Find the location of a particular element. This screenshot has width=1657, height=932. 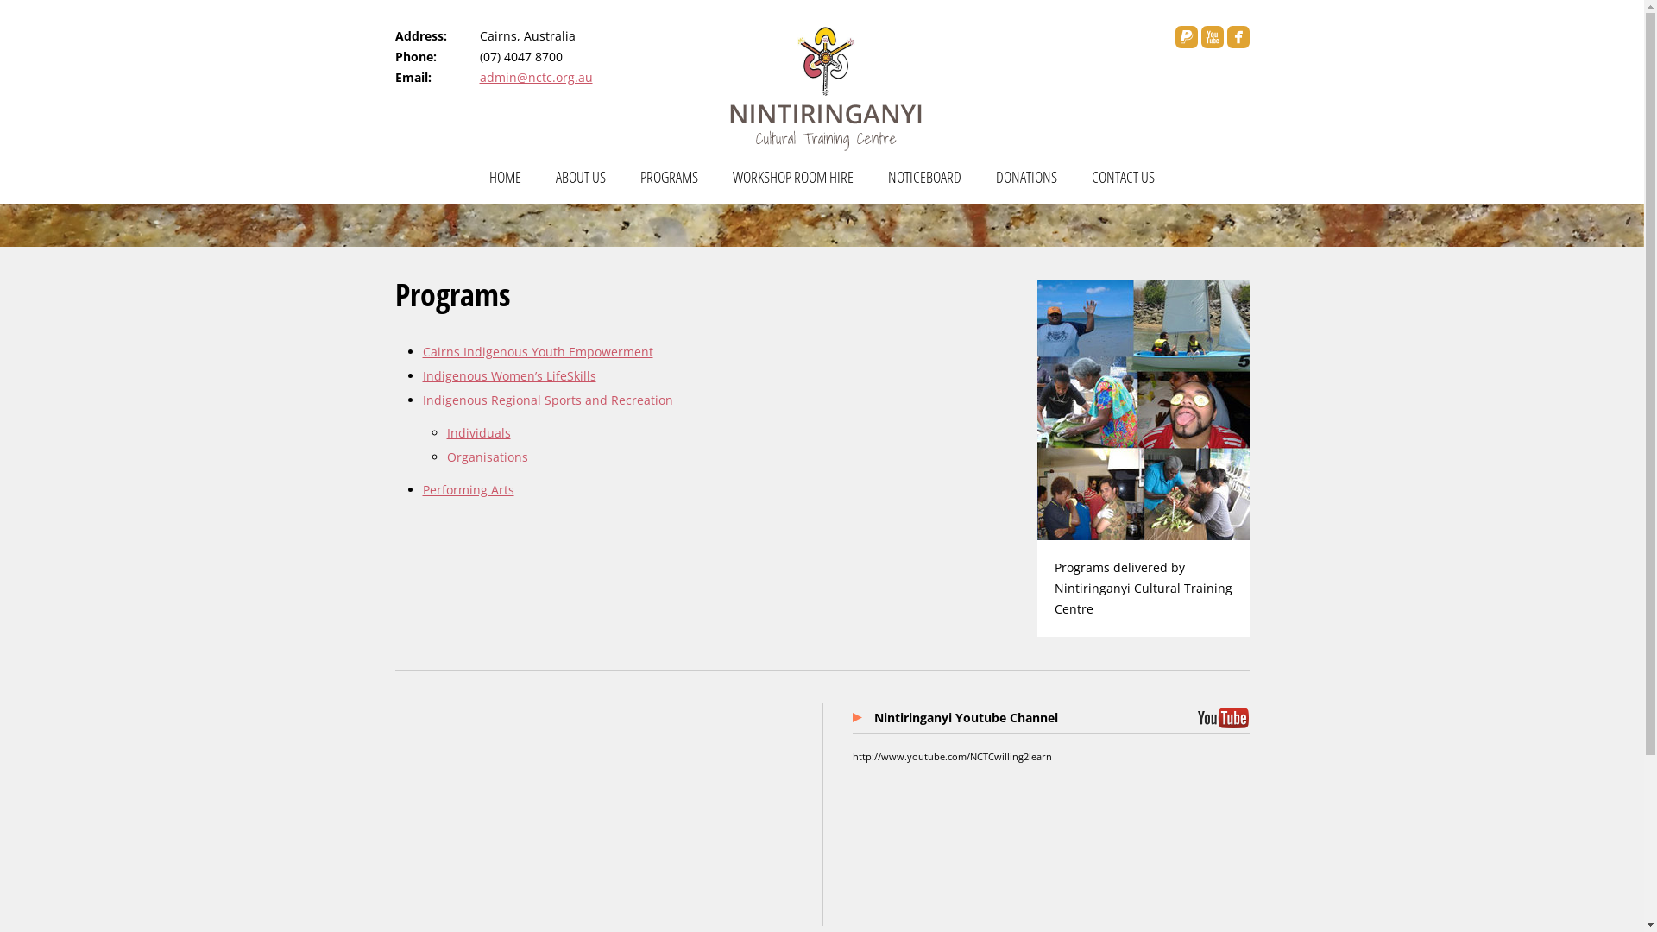

'Organisations' is located at coordinates (487, 456).